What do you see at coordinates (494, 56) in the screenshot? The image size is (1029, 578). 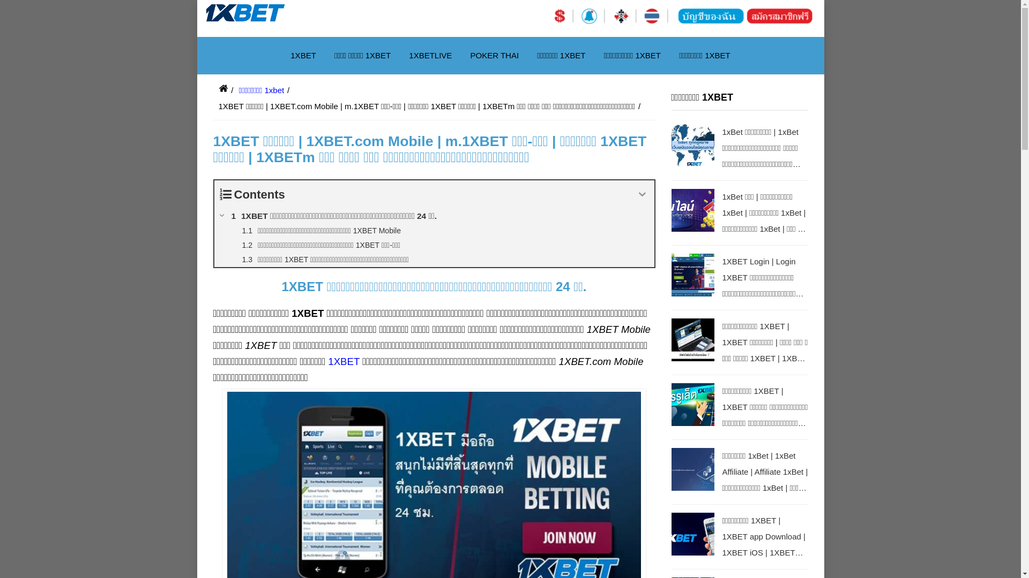 I see `'POKER THAI'` at bounding box center [494, 56].